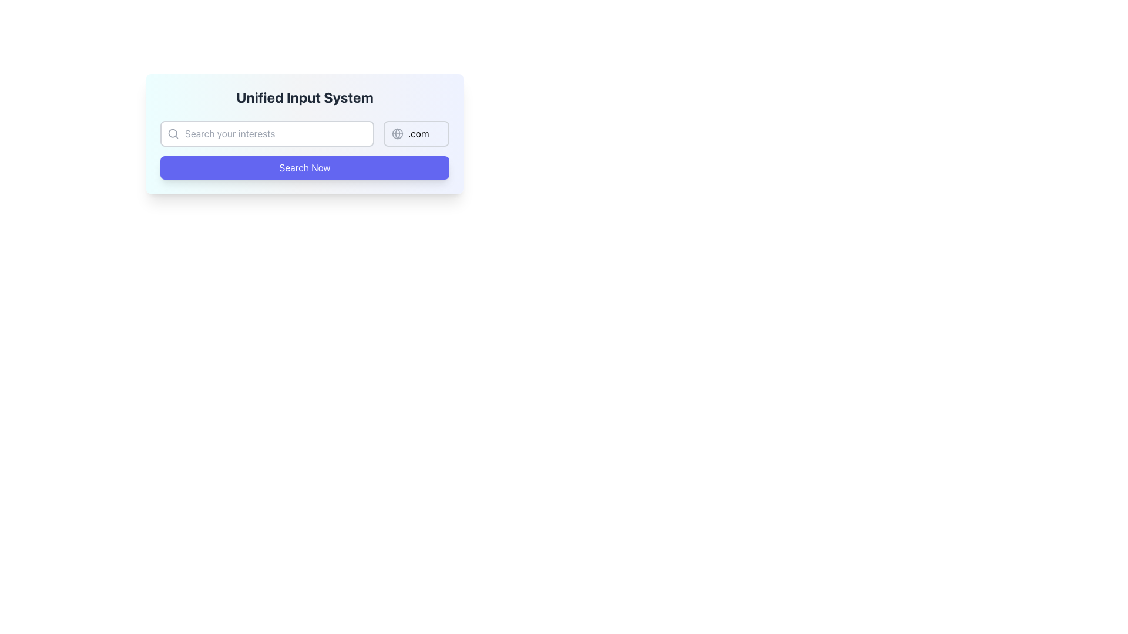 The width and height of the screenshot is (1128, 634). What do you see at coordinates (172, 133) in the screenshot?
I see `the decorative search icon located at the top-left corner of the text input field, adjacent to the left padding` at bounding box center [172, 133].